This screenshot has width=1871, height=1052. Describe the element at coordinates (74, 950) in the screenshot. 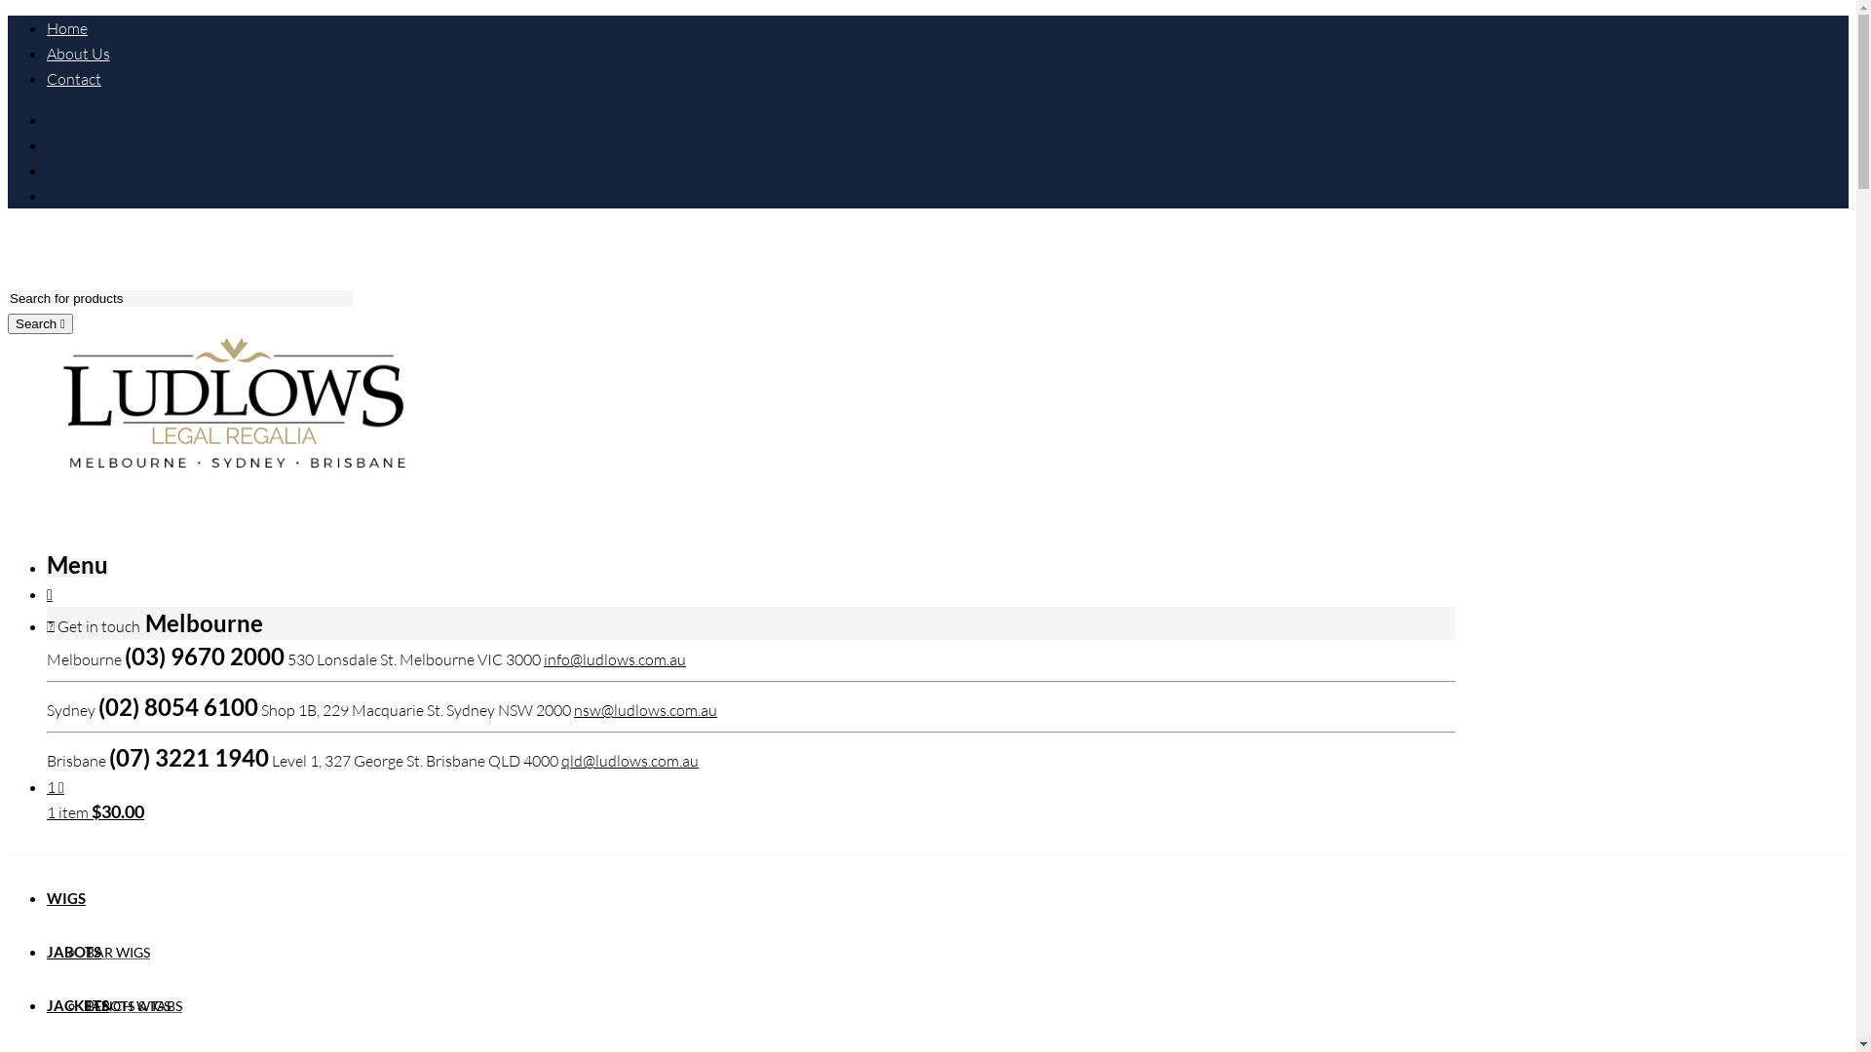

I see `'JABOTS'` at that location.